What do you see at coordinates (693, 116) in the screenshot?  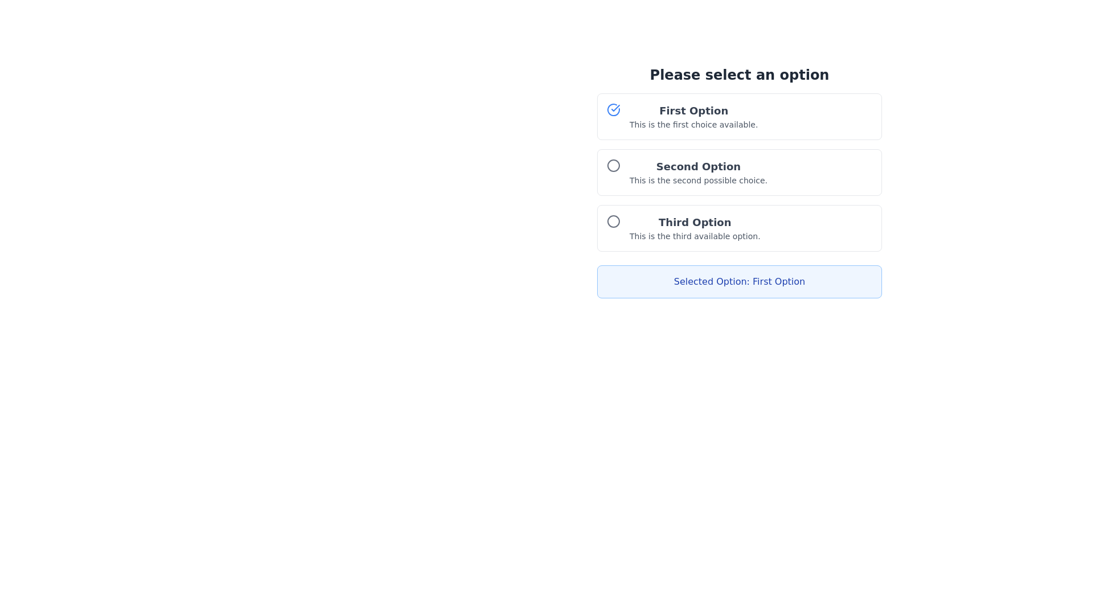 I see `the topmost selectable option with the text 'First Option'` at bounding box center [693, 116].